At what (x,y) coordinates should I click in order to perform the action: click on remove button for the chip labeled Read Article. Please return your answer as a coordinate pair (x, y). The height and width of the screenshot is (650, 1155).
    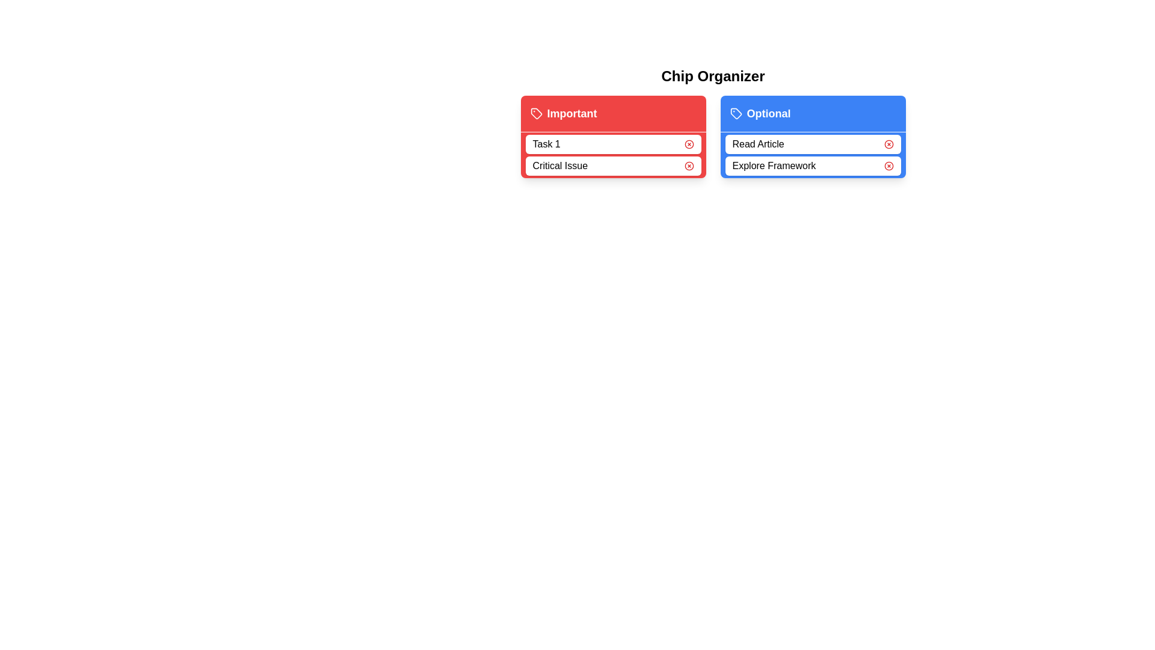
    Looking at the image, I should click on (889, 143).